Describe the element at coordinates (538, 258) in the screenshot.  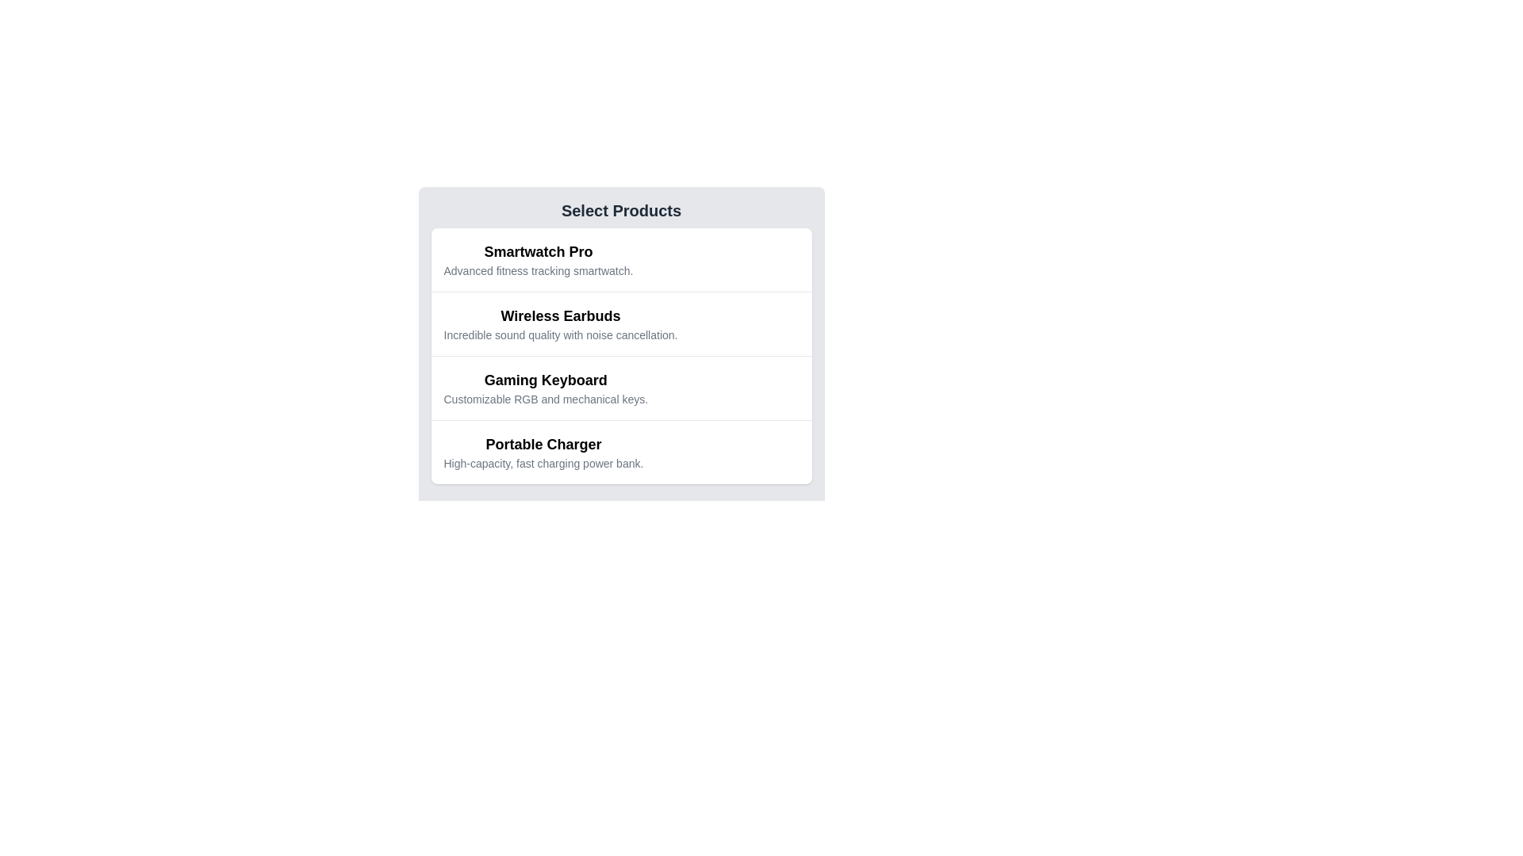
I see `text block containing the title 'Smartwatch Pro' and subtitle 'Advanced fitness tracking smartwatch.' located in the top left corner of the product selection list` at that location.